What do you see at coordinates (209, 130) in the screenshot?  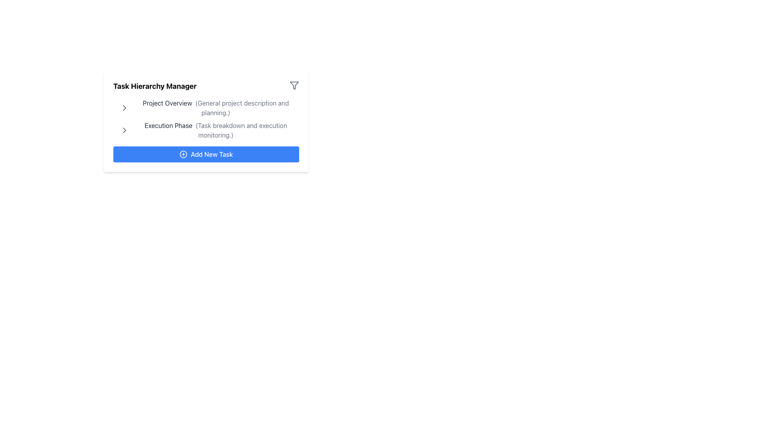 I see `the label that displays the text 'Execution Phase(Task breakdown and execution monitoring.)'` at bounding box center [209, 130].